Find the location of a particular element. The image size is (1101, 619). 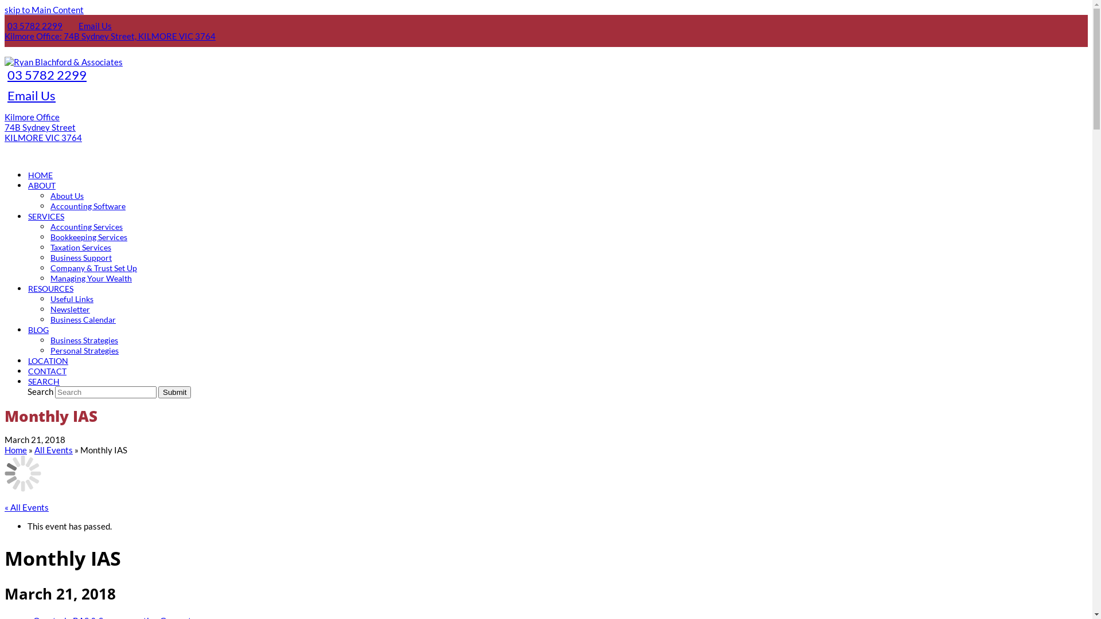

'Company & Trust Set Up' is located at coordinates (93, 267).